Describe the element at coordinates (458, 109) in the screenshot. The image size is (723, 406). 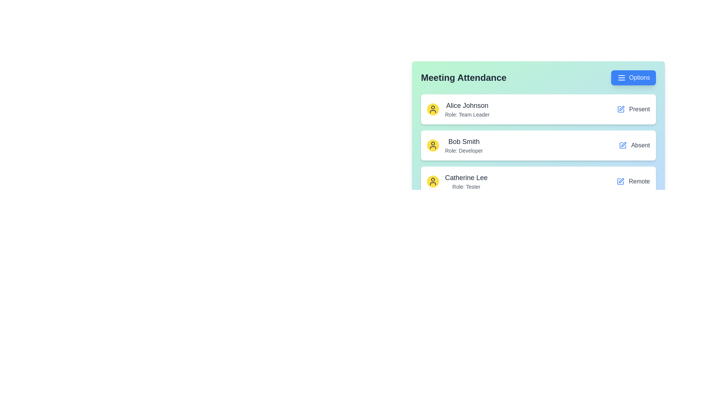
I see `the circular yellow icon containing a user silhouette associated with the name 'Alice Johnson' and the role 'Team Leader'` at that location.